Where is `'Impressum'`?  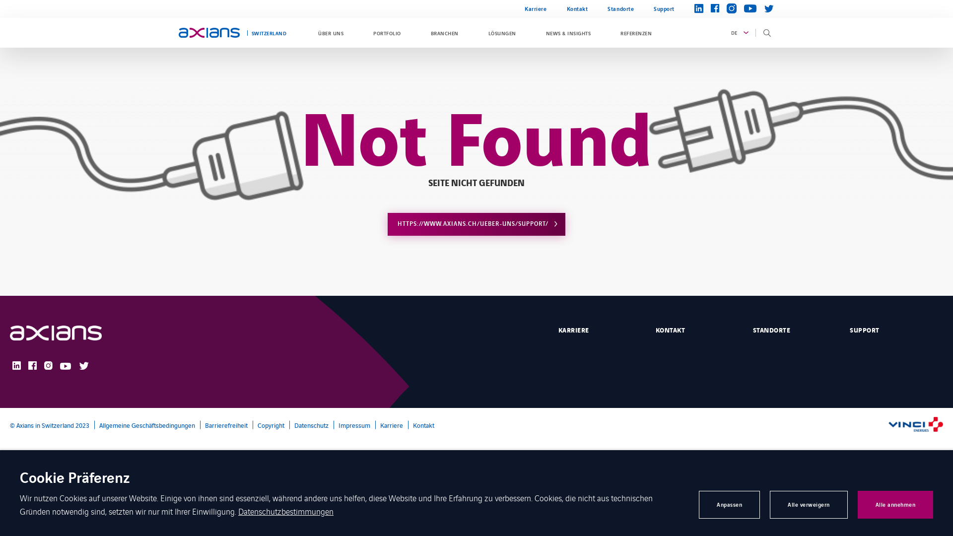
'Impressum' is located at coordinates (352, 424).